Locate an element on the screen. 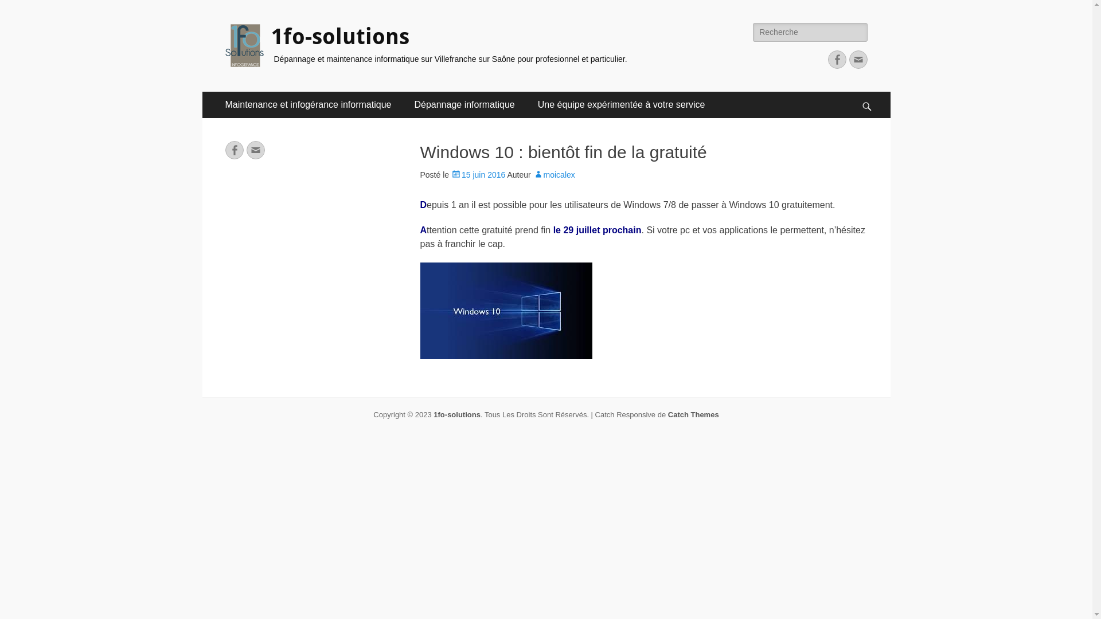  'Catch Themes' is located at coordinates (668, 414).